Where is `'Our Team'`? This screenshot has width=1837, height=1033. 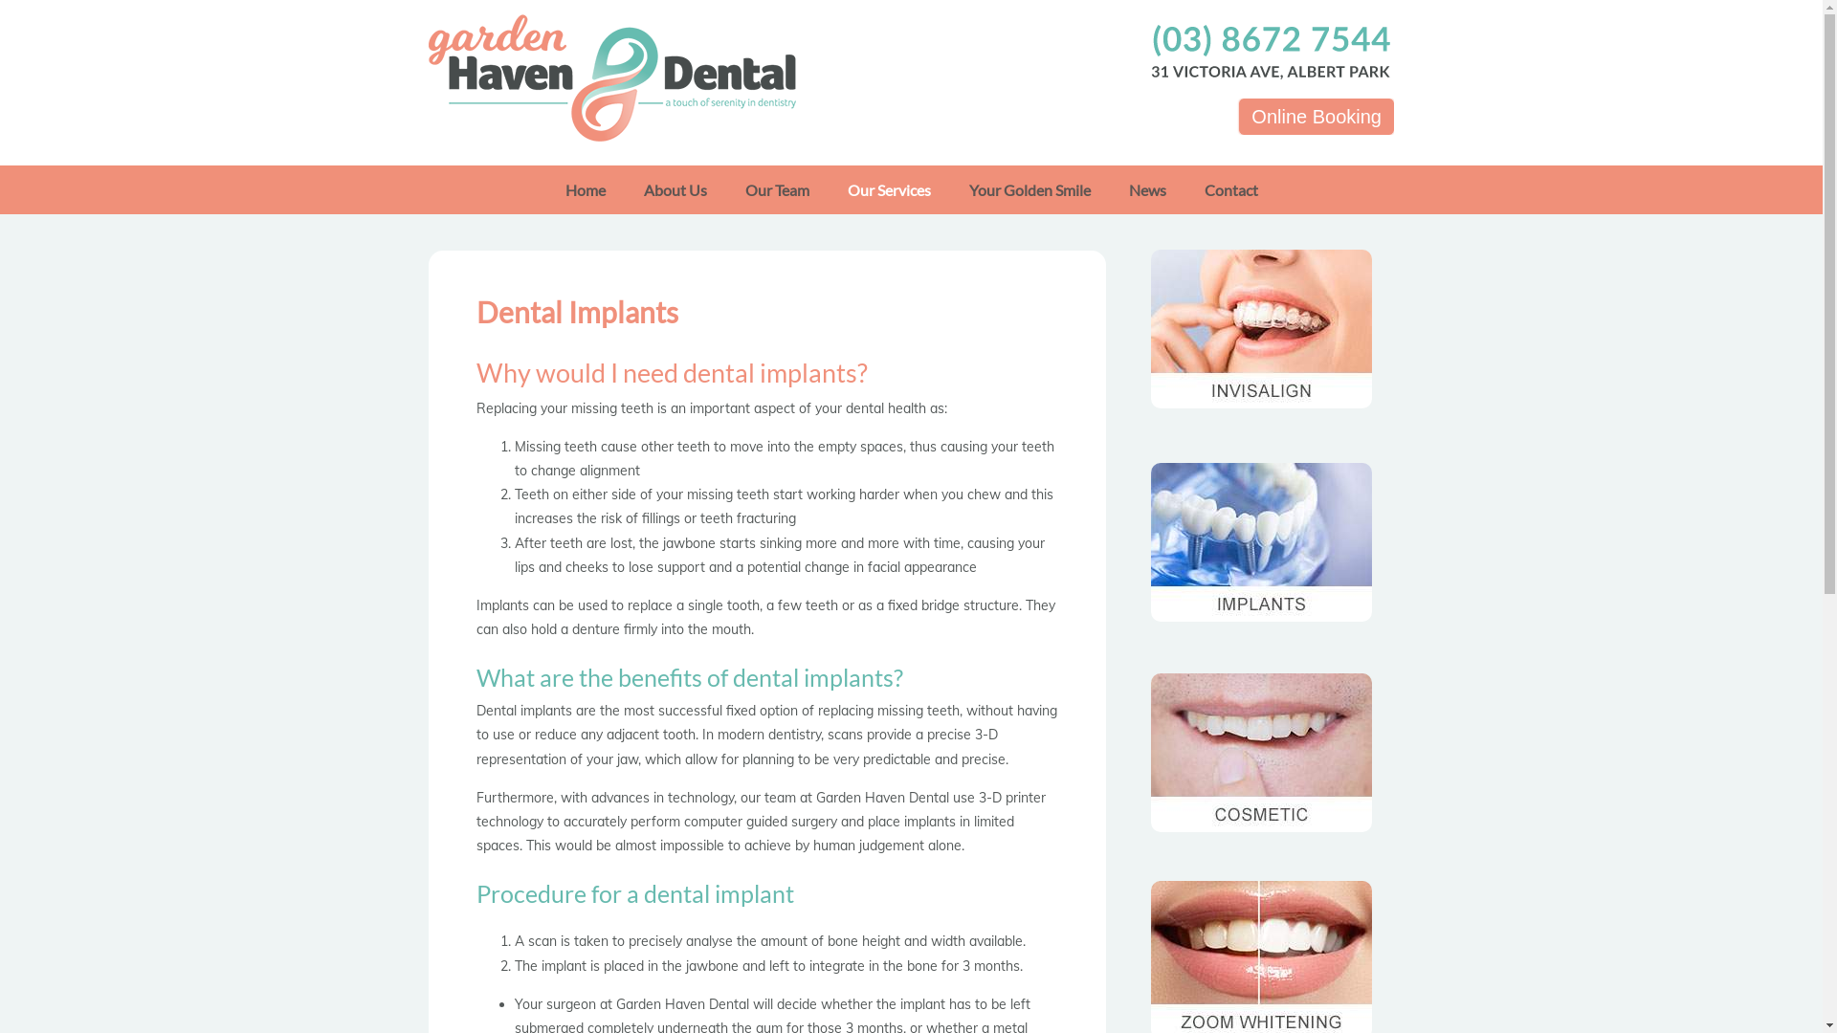 'Our Team' is located at coordinates (776, 189).